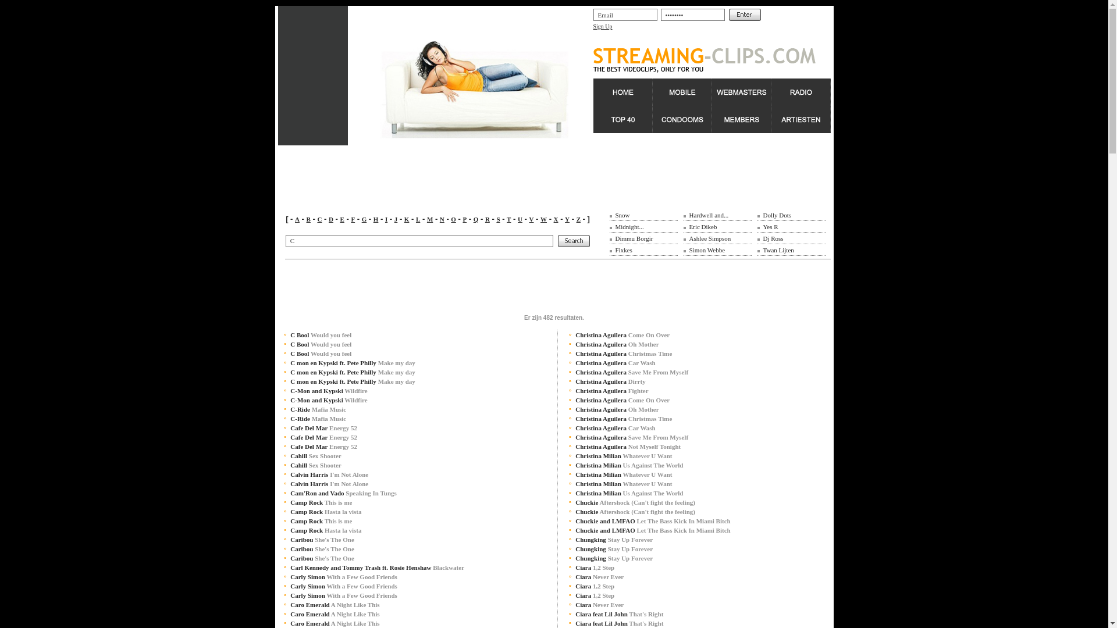 The image size is (1117, 628). I want to click on 'Fixkes', so click(623, 249).